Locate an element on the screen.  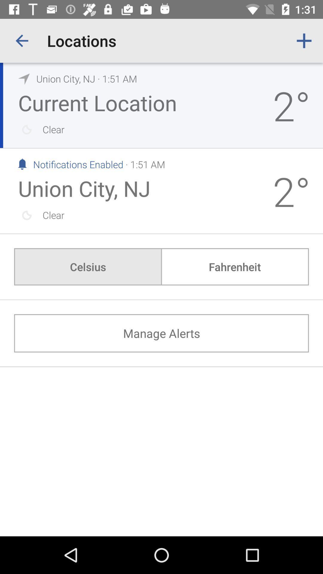
item above the manage alerts item is located at coordinates (234, 266).